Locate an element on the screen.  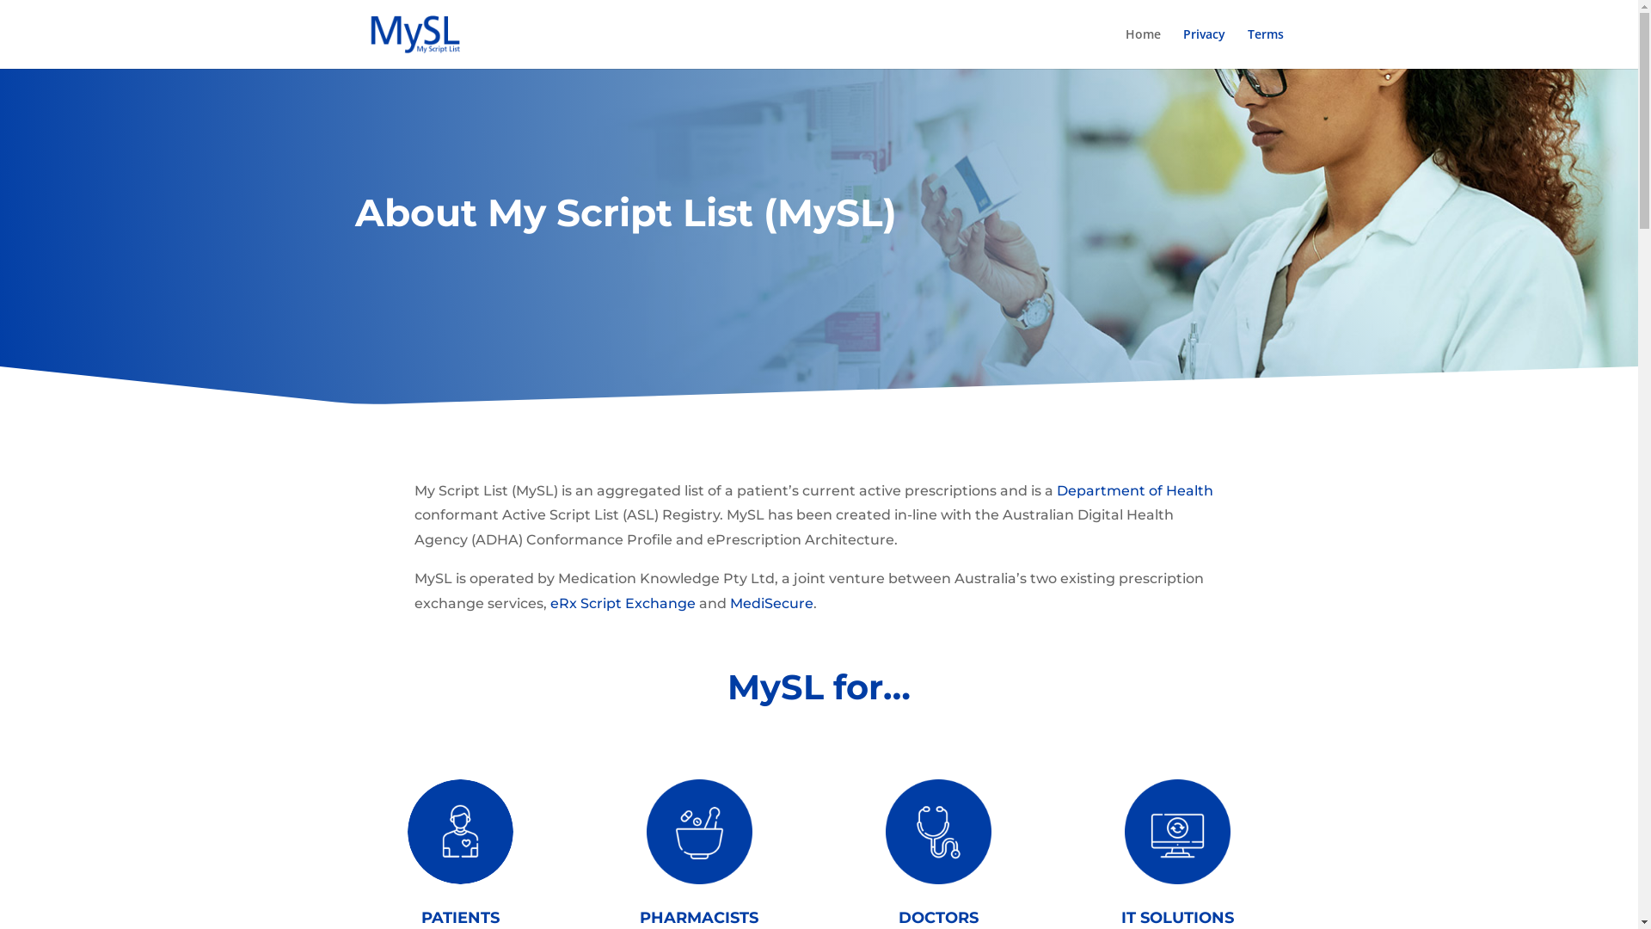
'Terms' is located at coordinates (1246, 47).